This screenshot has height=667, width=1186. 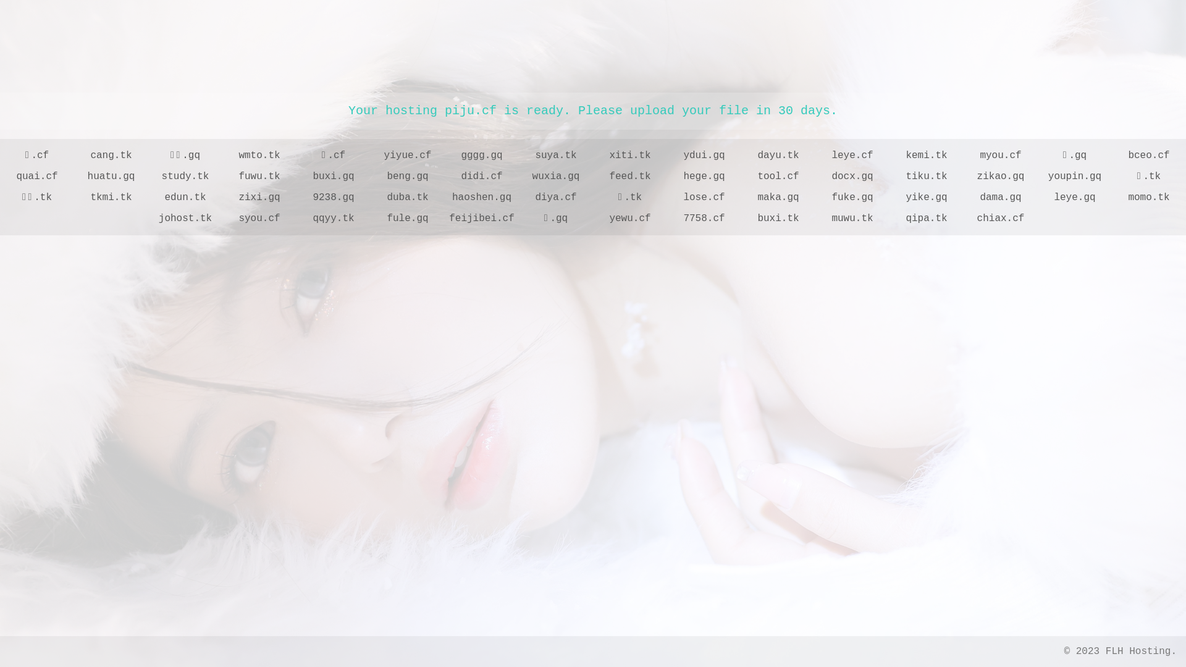 I want to click on 'suya.tk', so click(x=555, y=154).